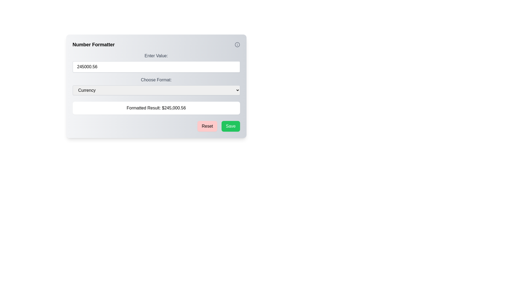 Image resolution: width=515 pixels, height=289 pixels. What do you see at coordinates (156, 108) in the screenshot?
I see `the Text Display component that shows 'Formatted Result: $245,000.56', which is located below the 'Choose Format' dropdown and above the 'Reset' and 'Save' buttons` at bounding box center [156, 108].